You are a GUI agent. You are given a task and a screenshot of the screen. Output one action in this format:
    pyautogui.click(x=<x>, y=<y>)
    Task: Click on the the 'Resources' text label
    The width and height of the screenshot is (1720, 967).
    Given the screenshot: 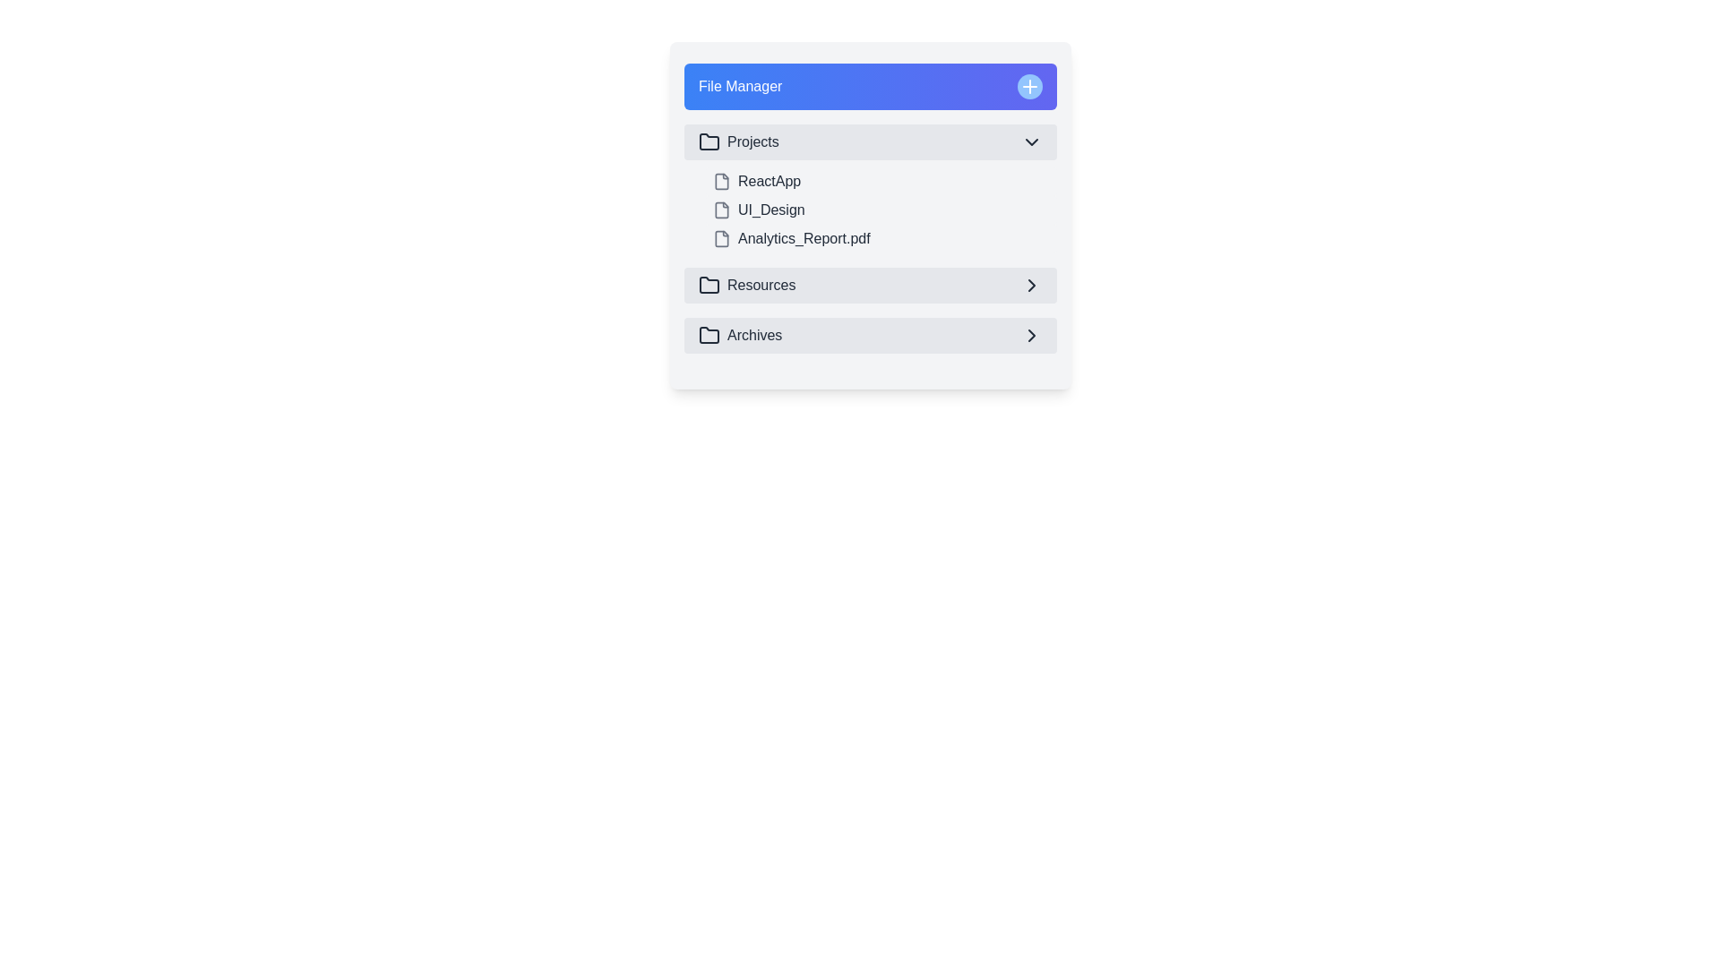 What is the action you would take?
    pyautogui.click(x=761, y=285)
    